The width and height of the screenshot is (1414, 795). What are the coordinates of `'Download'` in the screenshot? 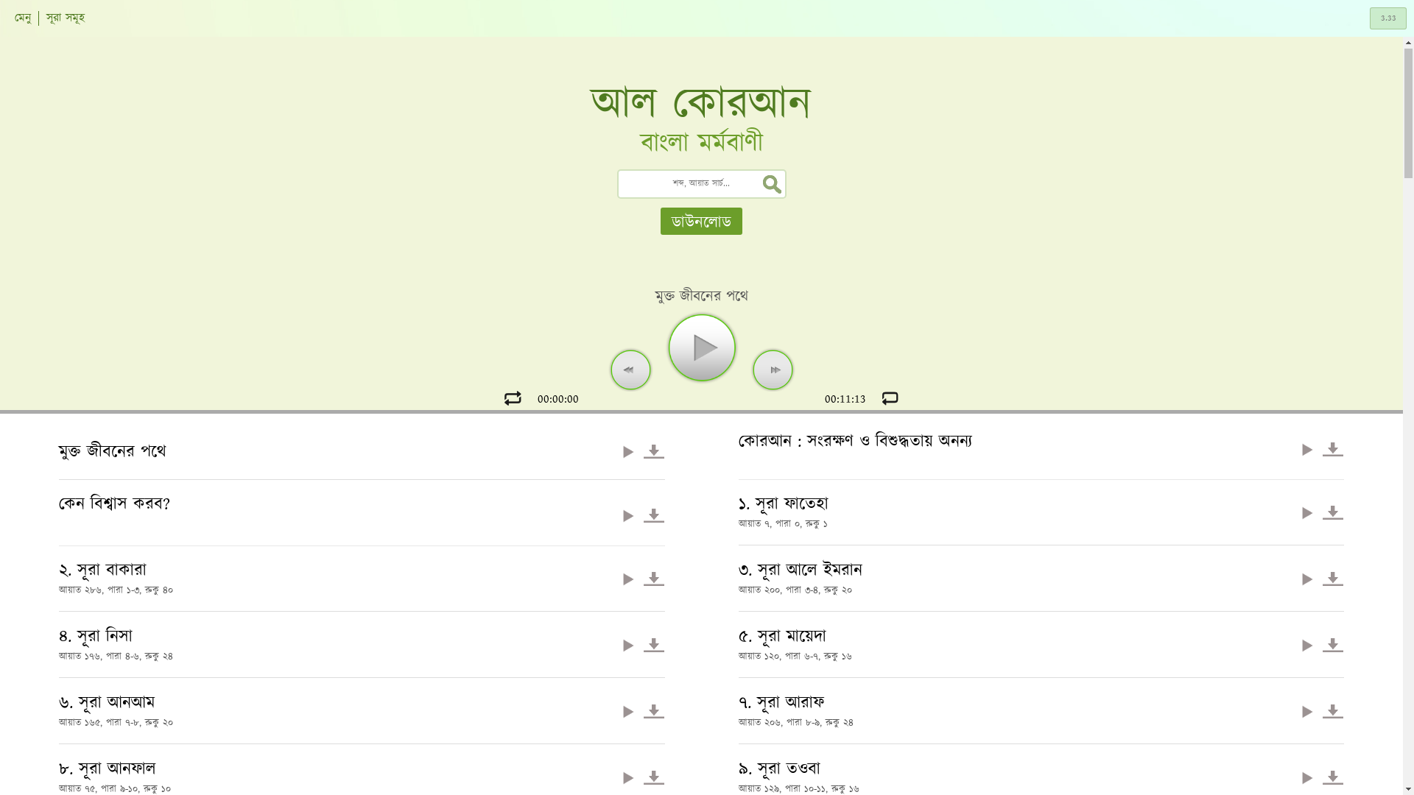 It's located at (1322, 710).